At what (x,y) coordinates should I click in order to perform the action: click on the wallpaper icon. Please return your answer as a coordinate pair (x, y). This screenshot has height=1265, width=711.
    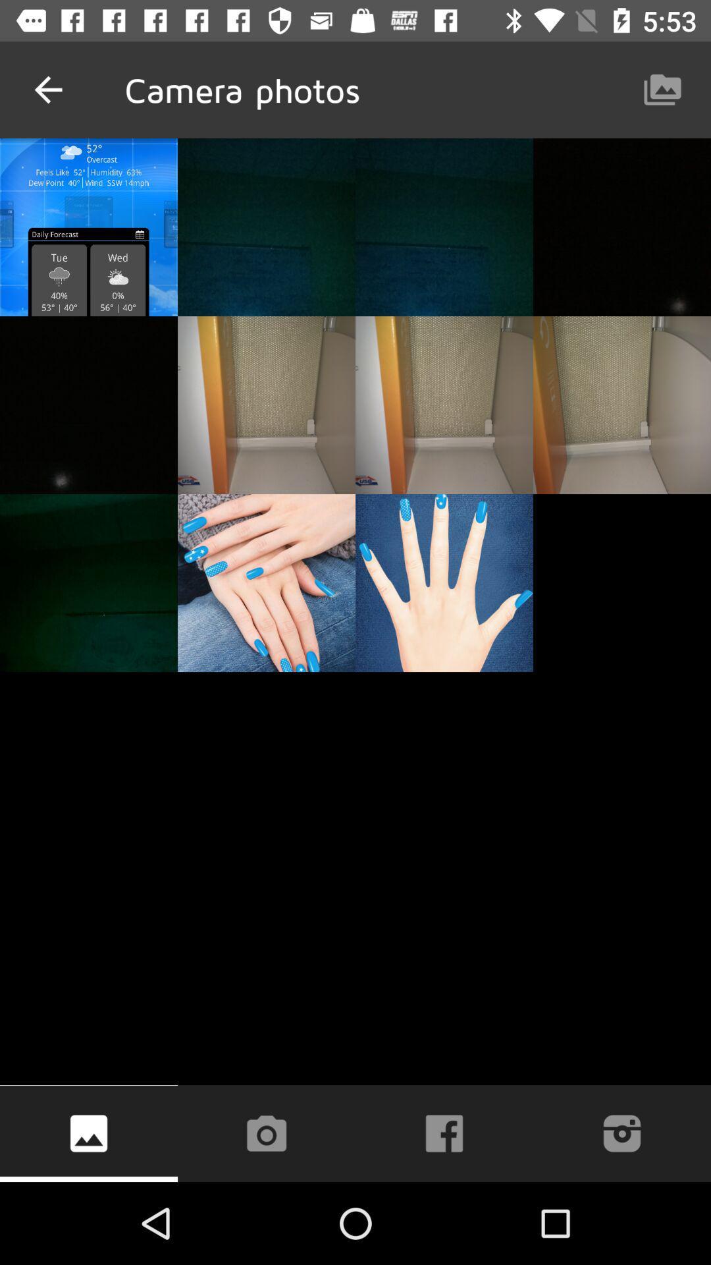
    Looking at the image, I should click on (89, 1133).